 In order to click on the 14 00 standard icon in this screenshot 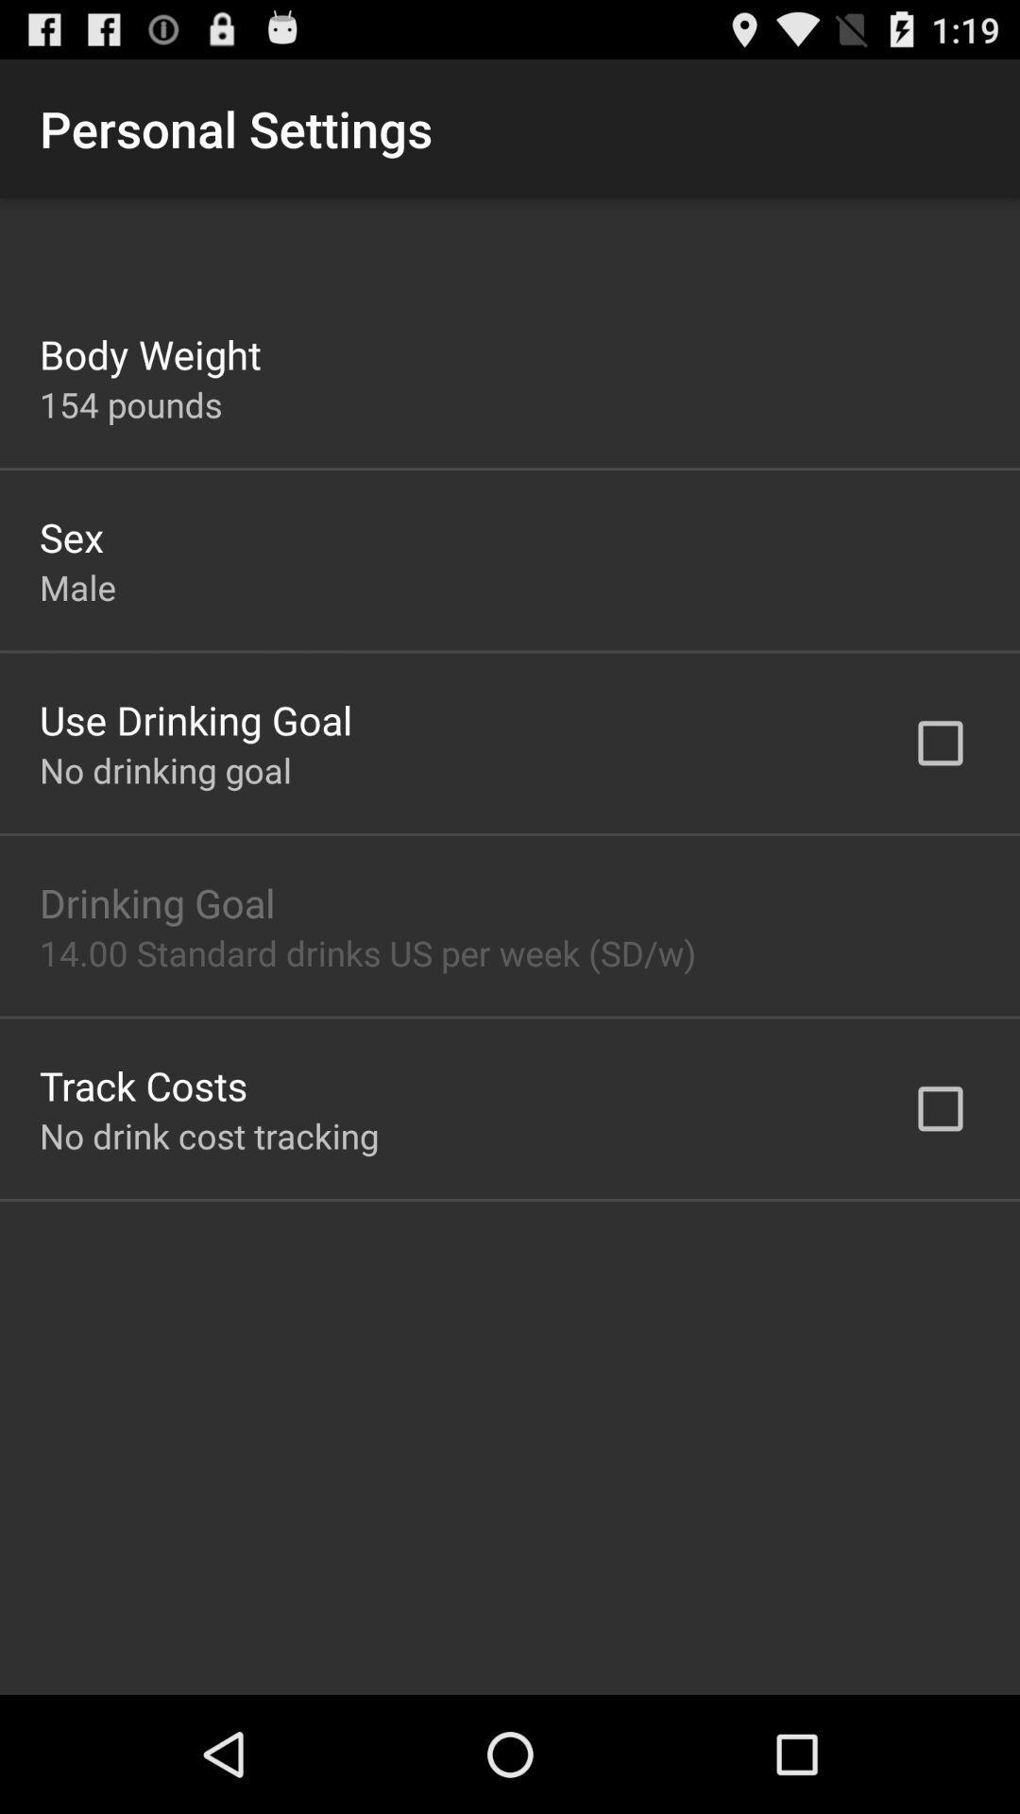, I will do `click(367, 952)`.